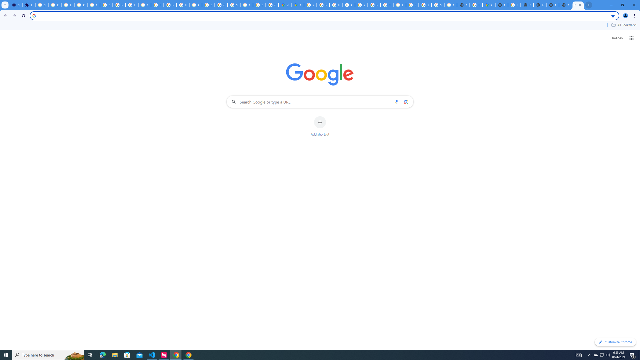 The image size is (640, 360). I want to click on 'Google Account Help', so click(94, 5).